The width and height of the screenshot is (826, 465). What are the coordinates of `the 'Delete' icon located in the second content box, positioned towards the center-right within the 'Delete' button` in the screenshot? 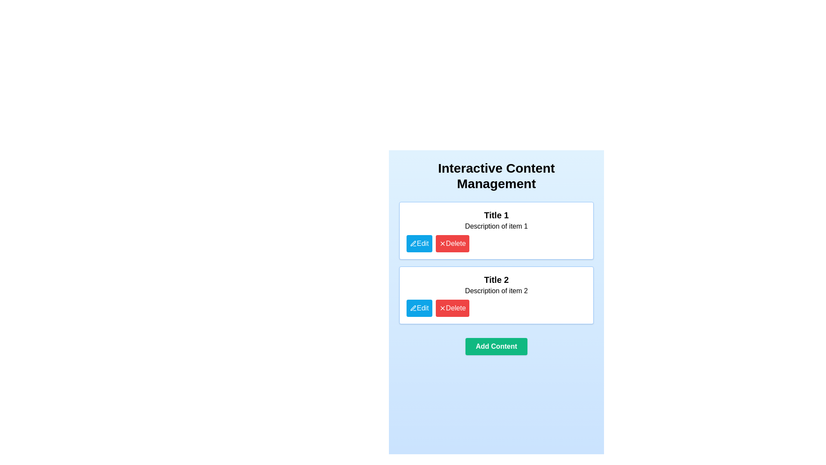 It's located at (442, 308).